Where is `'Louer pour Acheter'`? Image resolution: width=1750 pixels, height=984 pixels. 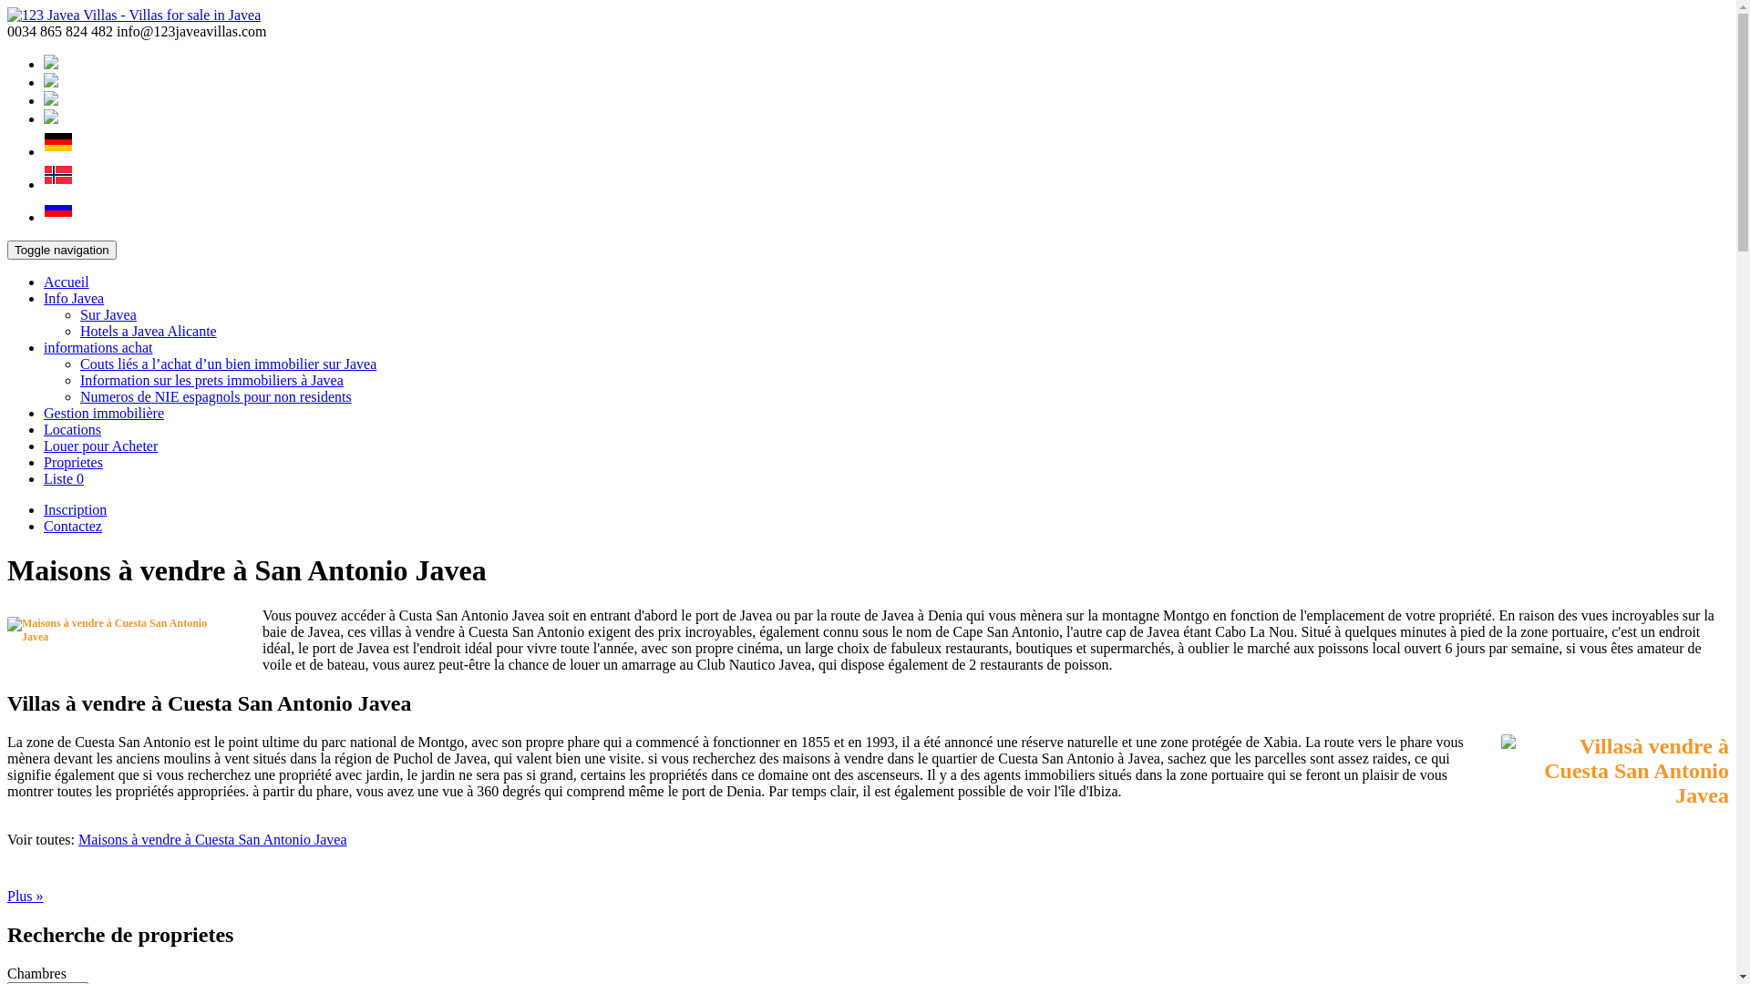
'Louer pour Acheter' is located at coordinates (99, 446).